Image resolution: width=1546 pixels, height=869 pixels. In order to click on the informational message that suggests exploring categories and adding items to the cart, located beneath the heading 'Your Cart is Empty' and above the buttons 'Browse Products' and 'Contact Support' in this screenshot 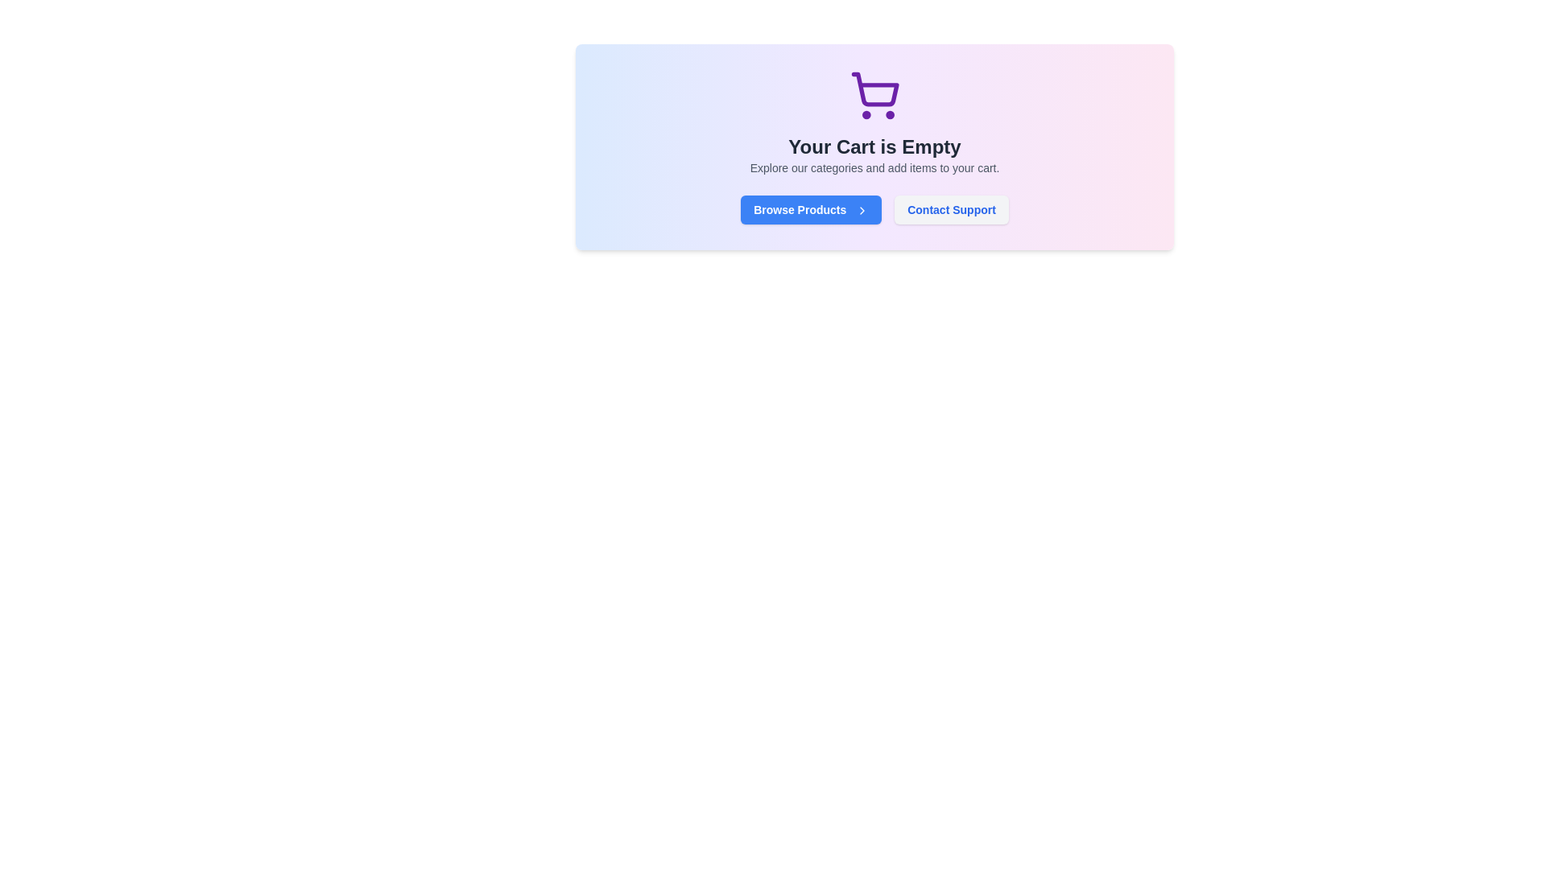, I will do `click(874, 167)`.